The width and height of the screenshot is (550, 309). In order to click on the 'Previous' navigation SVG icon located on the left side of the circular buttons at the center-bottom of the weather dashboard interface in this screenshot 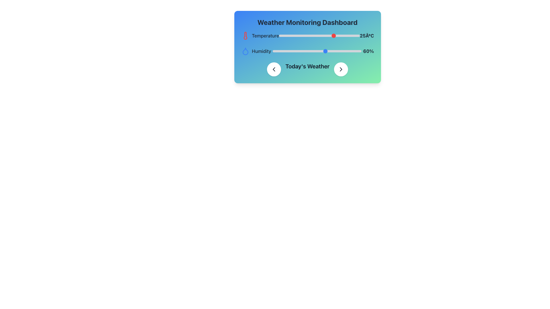, I will do `click(274, 69)`.